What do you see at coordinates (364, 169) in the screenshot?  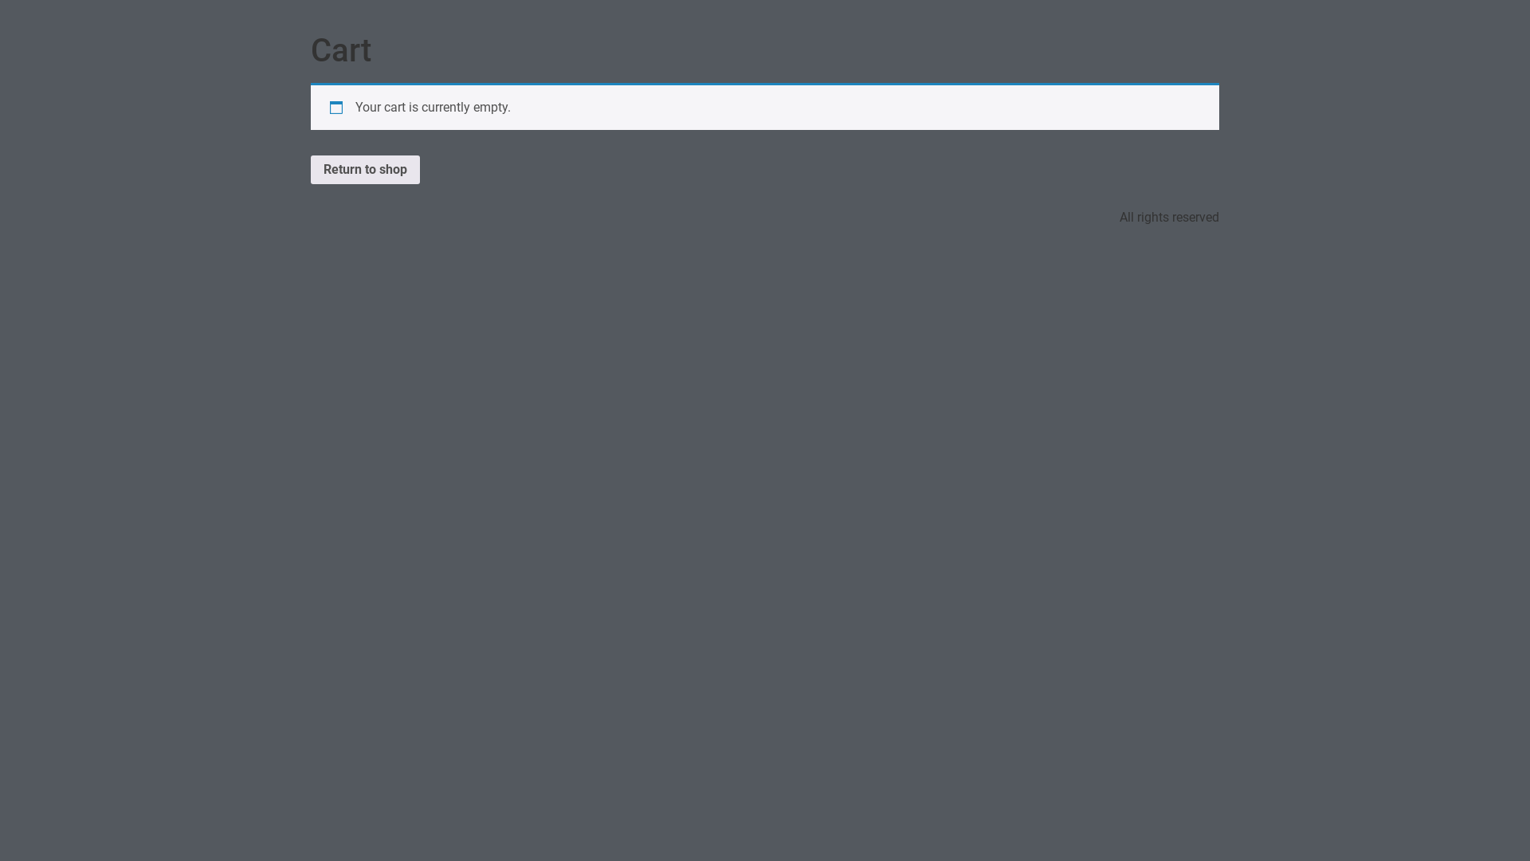 I see `'Return to shop'` at bounding box center [364, 169].